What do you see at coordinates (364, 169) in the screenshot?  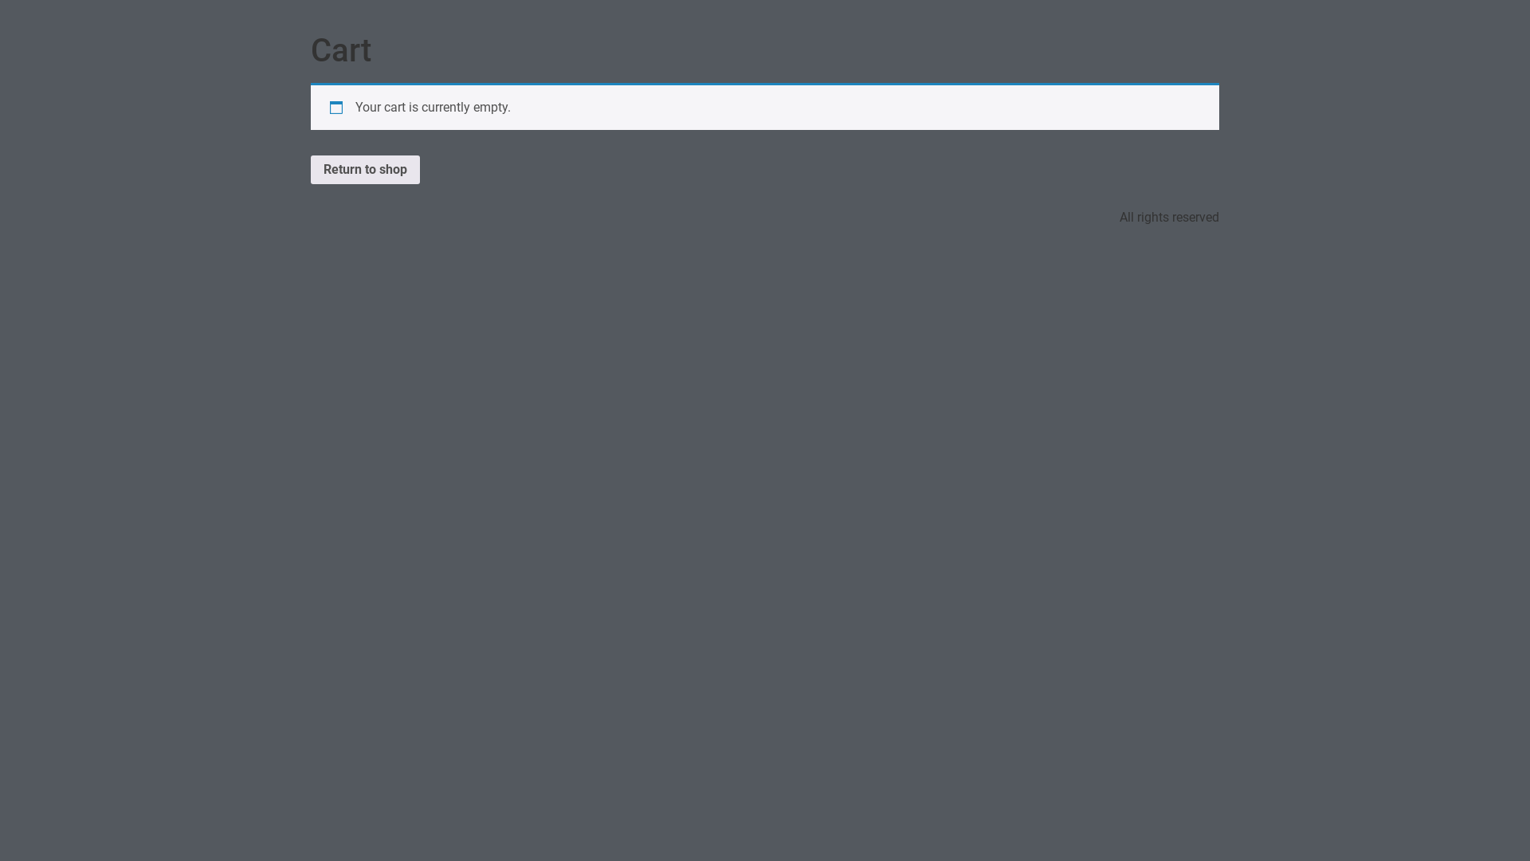 I see `'Return to shop'` at bounding box center [364, 169].